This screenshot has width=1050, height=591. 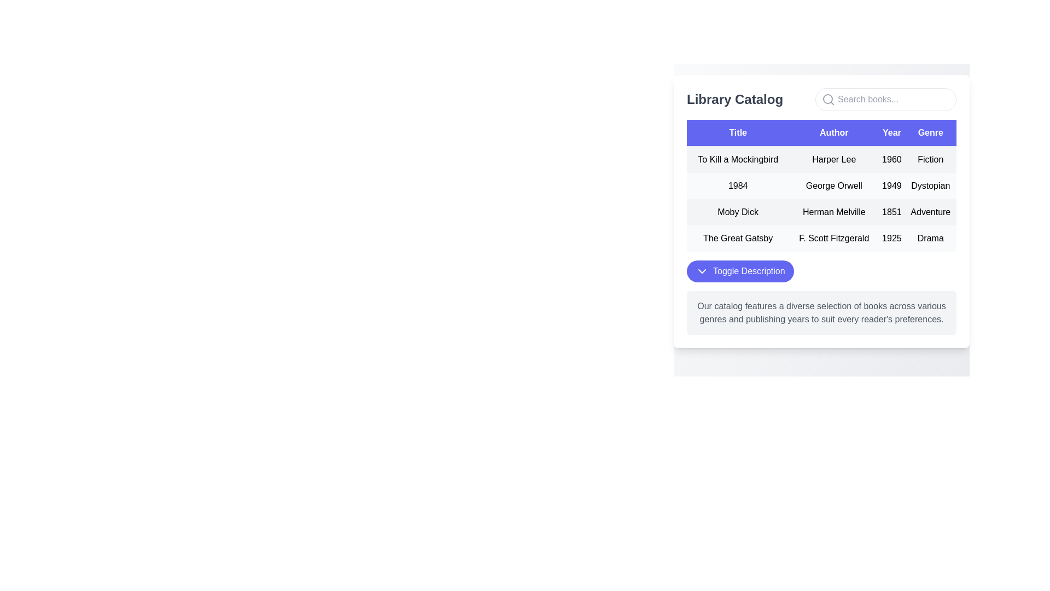 I want to click on the search icon located at the left of the search input field to focus on the search field, so click(x=829, y=99).